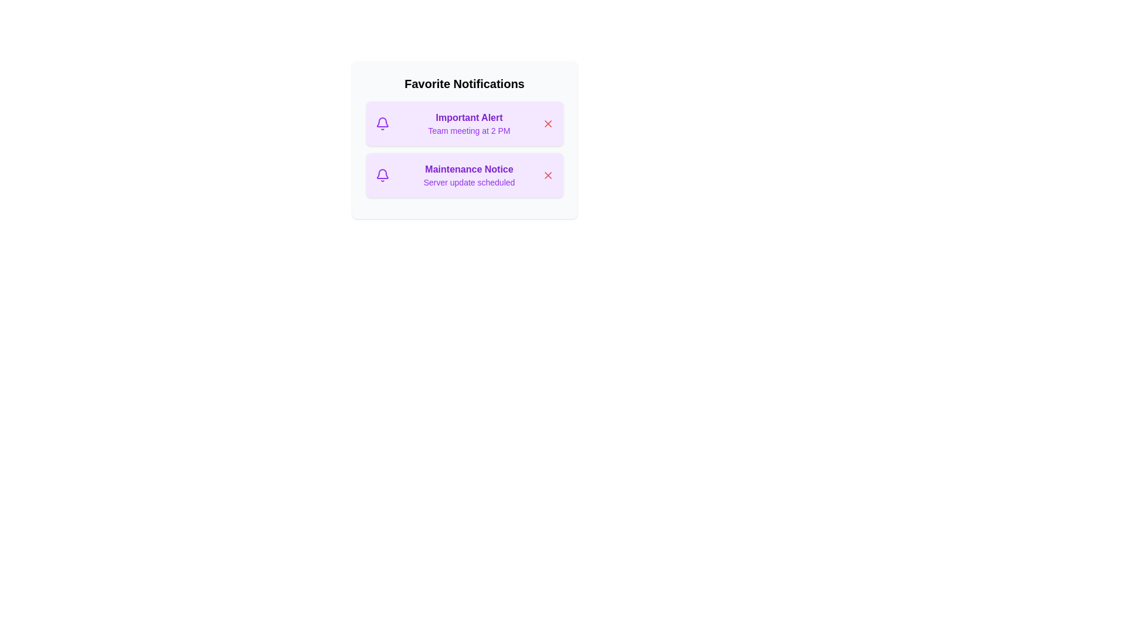  Describe the element at coordinates (382, 124) in the screenshot. I see `the bell icon for Important Alert notification` at that location.